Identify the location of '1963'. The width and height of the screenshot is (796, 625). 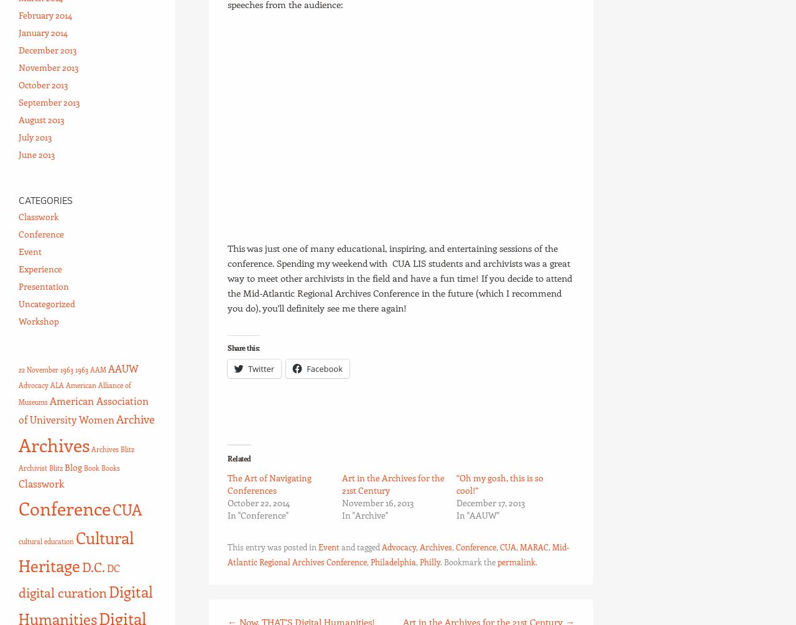
(81, 369).